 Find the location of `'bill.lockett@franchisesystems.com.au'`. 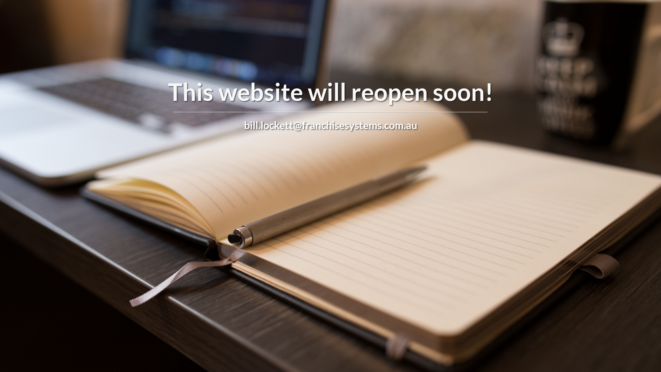

'bill.lockett@franchisesystems.com.au' is located at coordinates (330, 125).